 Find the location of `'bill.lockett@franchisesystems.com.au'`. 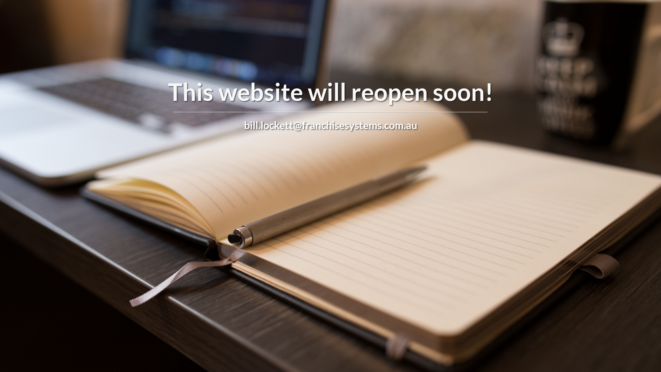

'bill.lockett@franchisesystems.com.au' is located at coordinates (330, 125).